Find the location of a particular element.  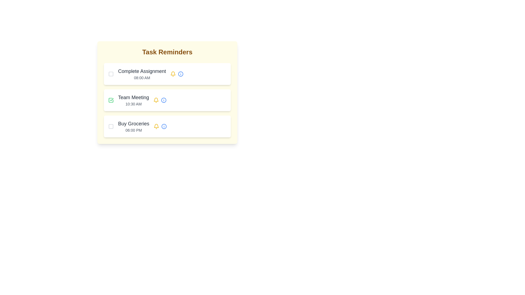

on the bold text label displaying 'Team Meeting' located at the top left corner of the second reminder card is located at coordinates (133, 97).